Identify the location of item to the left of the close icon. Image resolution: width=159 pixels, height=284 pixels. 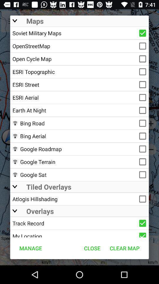
(31, 248).